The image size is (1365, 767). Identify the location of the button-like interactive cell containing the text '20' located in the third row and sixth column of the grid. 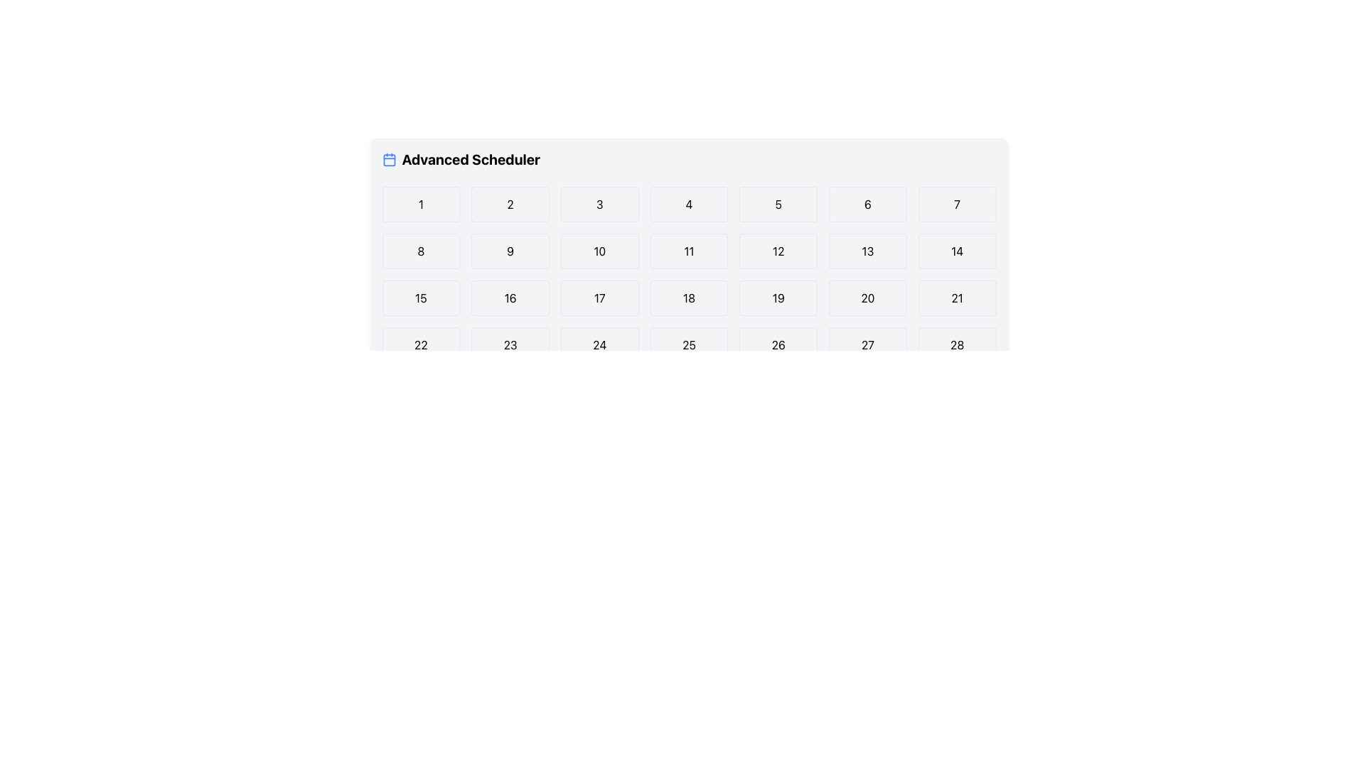
(866, 298).